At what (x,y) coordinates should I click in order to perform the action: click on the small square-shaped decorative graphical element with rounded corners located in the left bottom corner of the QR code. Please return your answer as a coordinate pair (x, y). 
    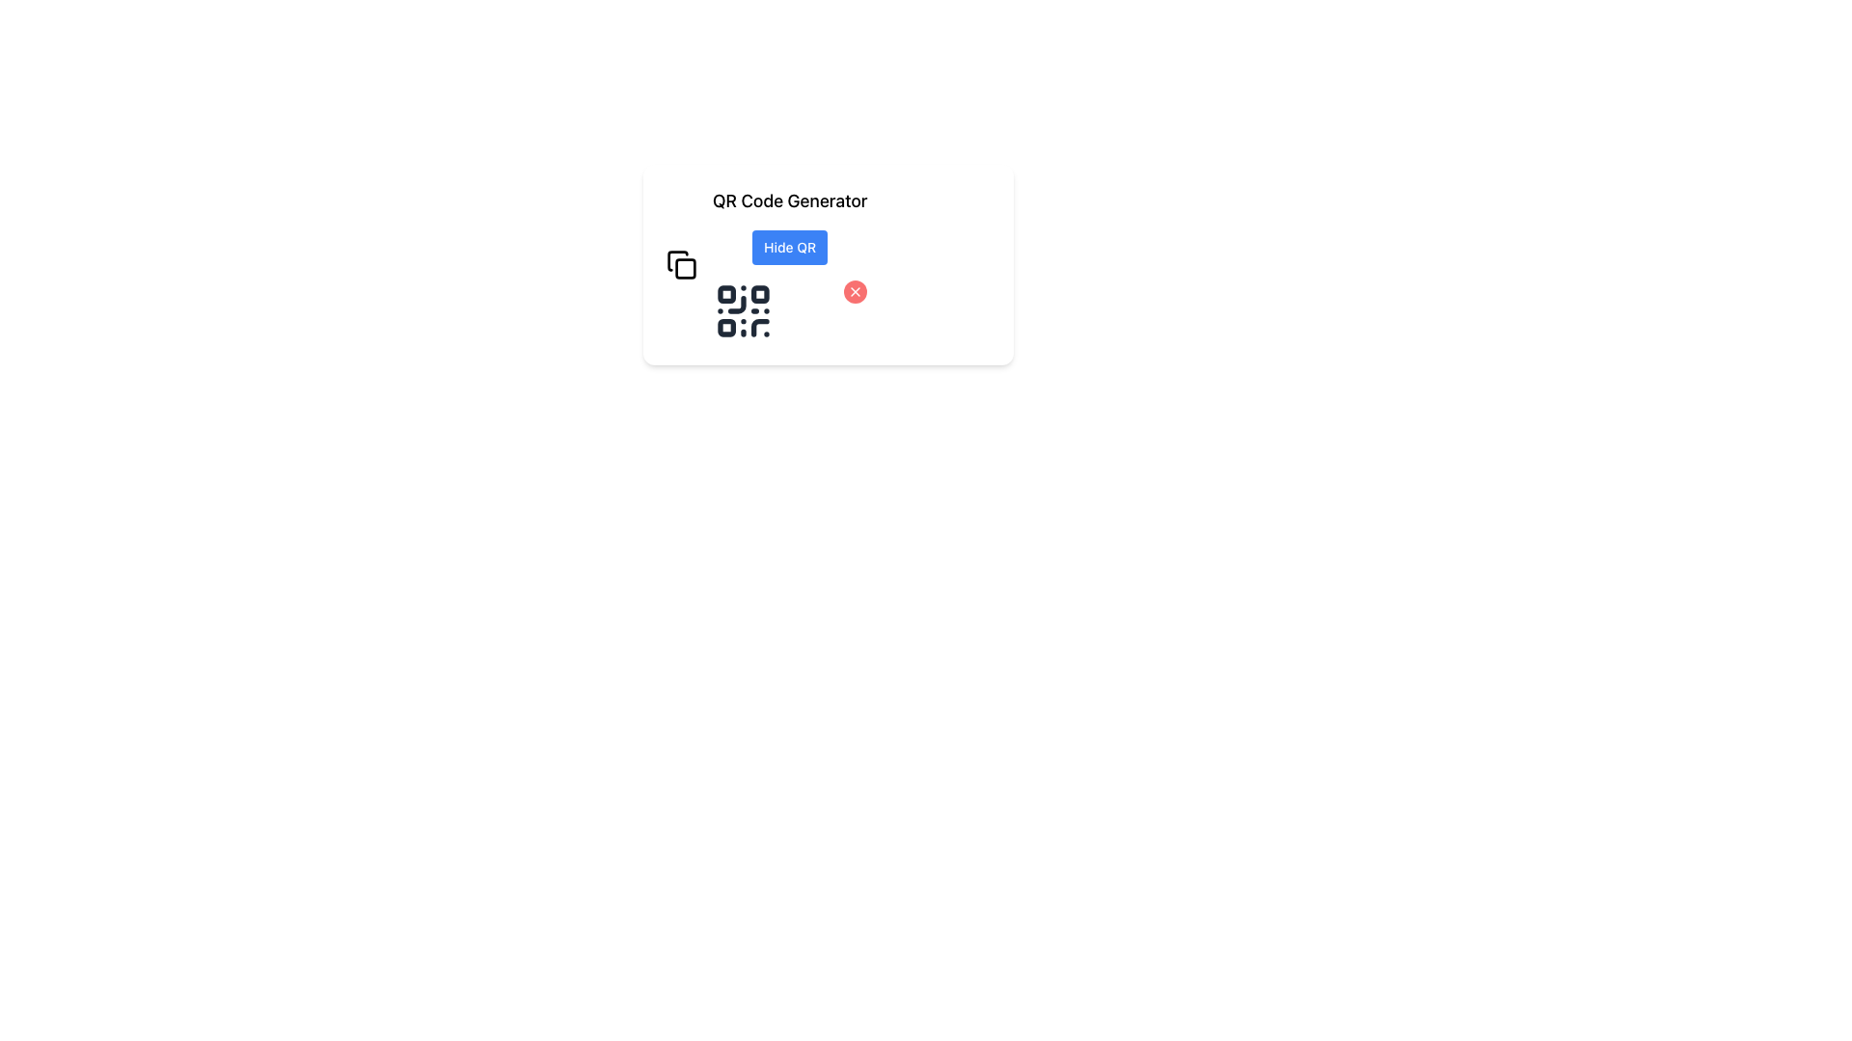
    Looking at the image, I should click on (725, 327).